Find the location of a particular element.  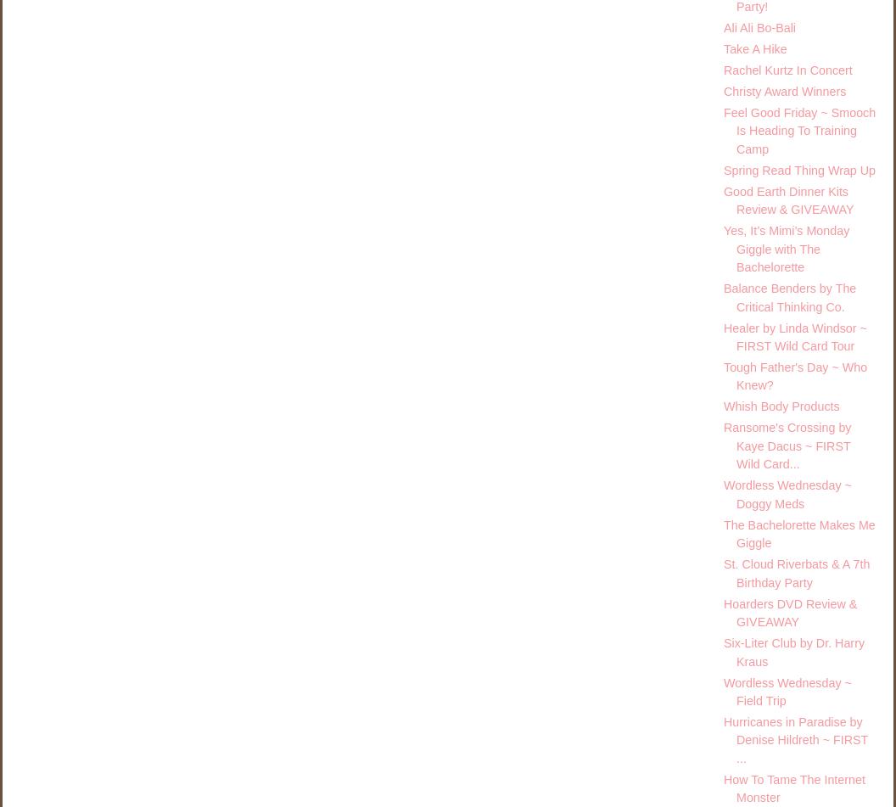

'Wordless Wednesday ~ Doggy Meds' is located at coordinates (787, 493).